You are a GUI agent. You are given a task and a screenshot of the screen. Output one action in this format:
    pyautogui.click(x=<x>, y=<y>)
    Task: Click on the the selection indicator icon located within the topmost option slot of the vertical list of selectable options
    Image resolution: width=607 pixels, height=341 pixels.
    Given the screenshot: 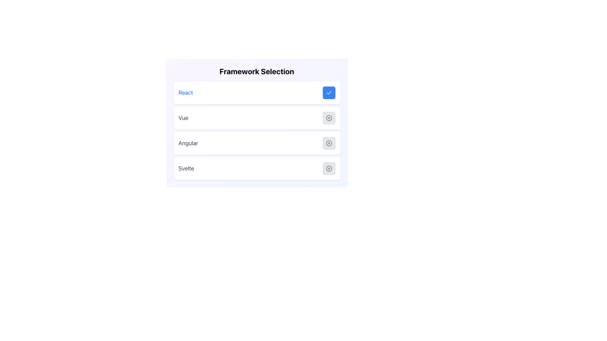 What is the action you would take?
    pyautogui.click(x=329, y=93)
    